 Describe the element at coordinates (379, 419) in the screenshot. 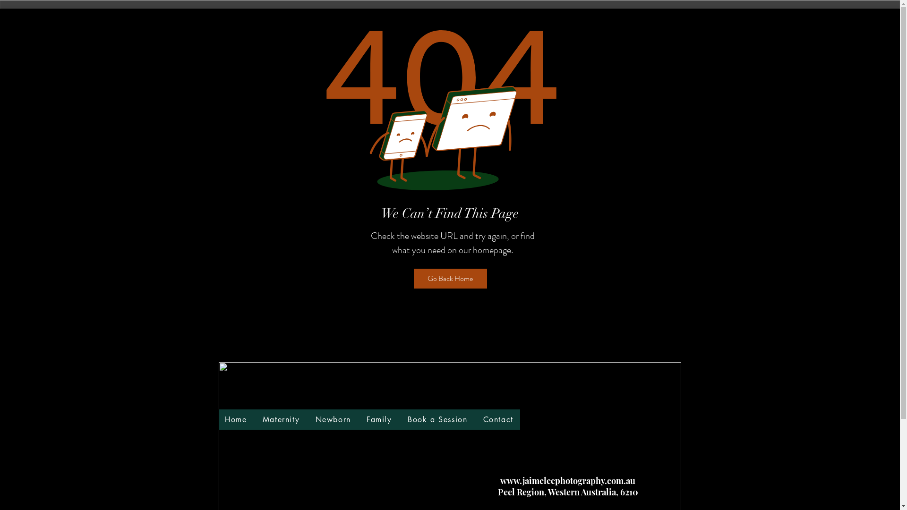

I see `'Family'` at that location.